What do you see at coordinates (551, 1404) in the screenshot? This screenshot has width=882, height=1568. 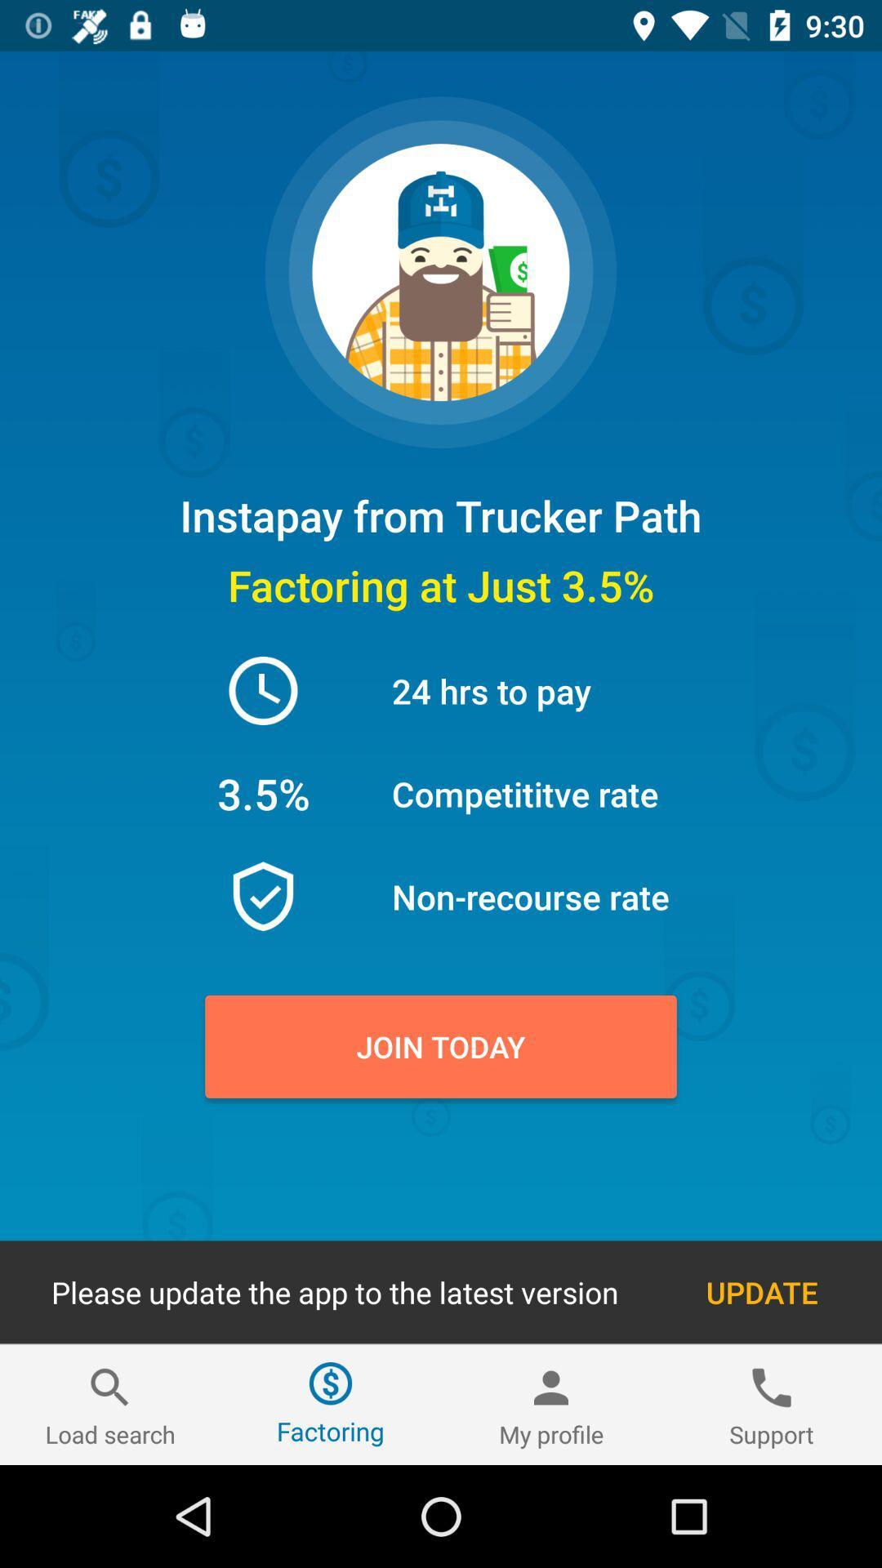 I see `the item to the right of the factoring item` at bounding box center [551, 1404].